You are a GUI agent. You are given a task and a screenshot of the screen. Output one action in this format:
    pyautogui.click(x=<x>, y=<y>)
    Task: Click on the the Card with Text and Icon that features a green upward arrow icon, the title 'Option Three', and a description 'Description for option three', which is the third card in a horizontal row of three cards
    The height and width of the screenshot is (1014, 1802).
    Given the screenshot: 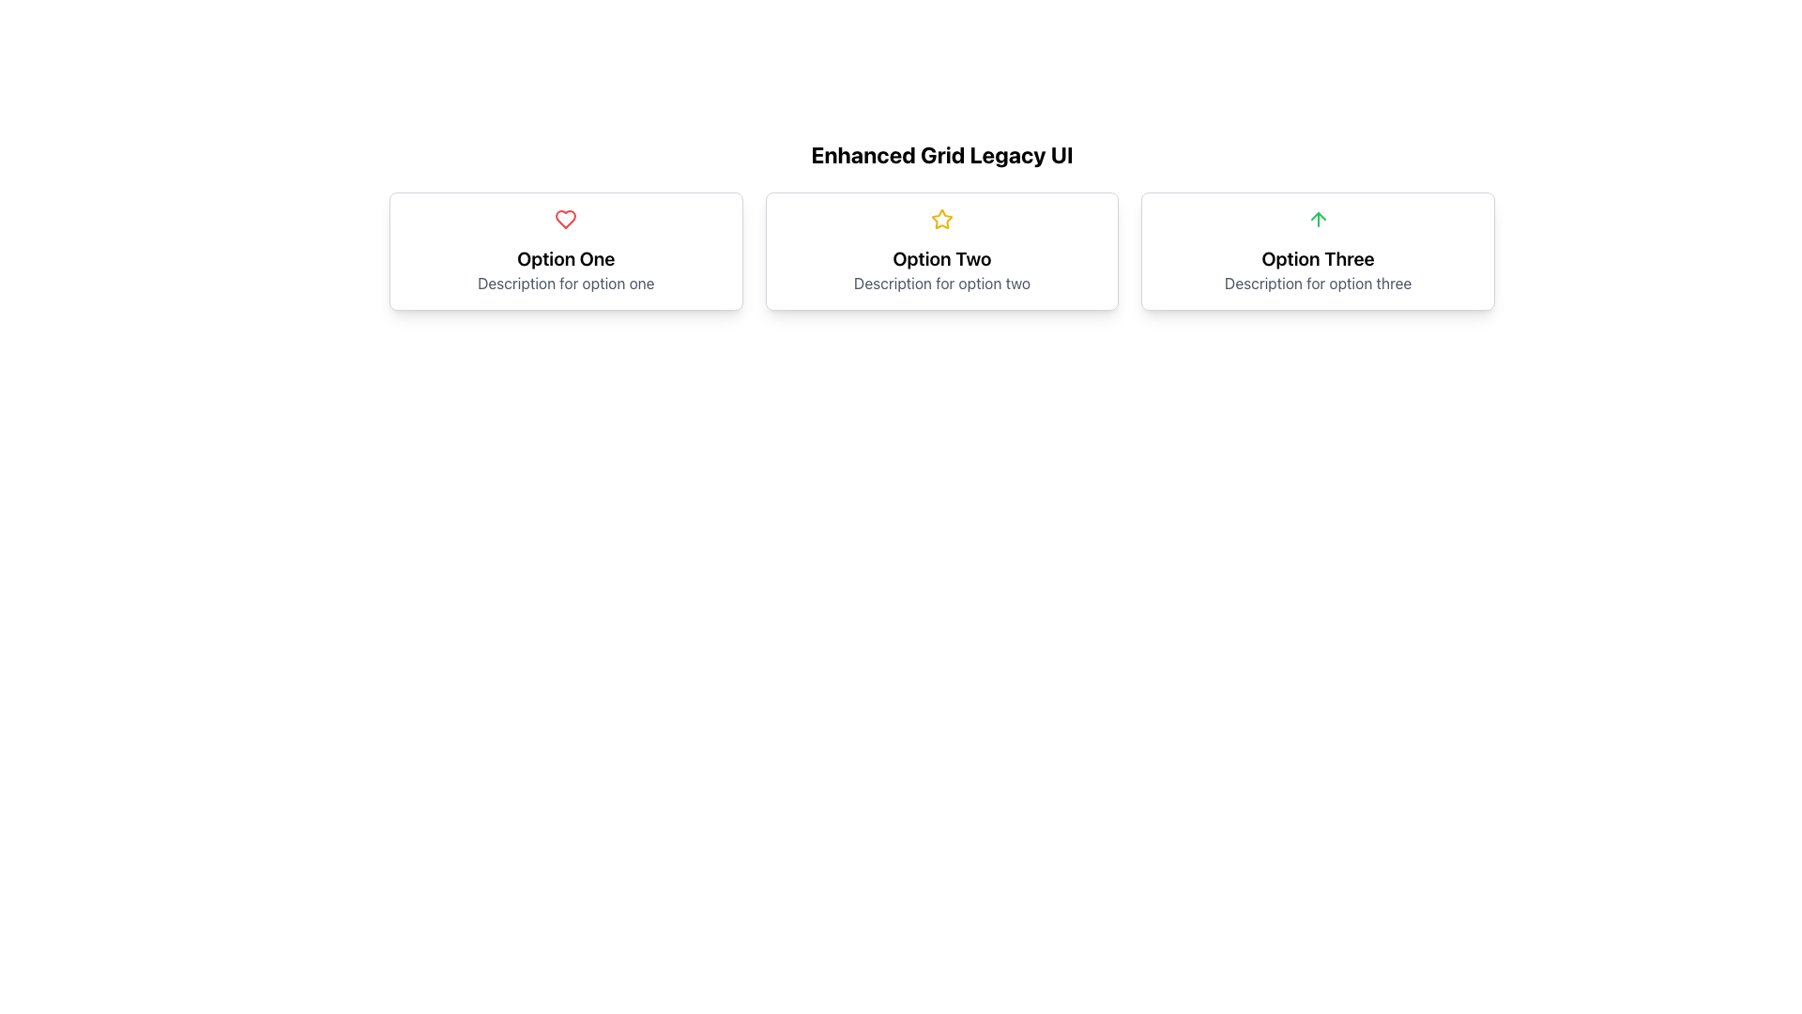 What is the action you would take?
    pyautogui.click(x=1317, y=250)
    